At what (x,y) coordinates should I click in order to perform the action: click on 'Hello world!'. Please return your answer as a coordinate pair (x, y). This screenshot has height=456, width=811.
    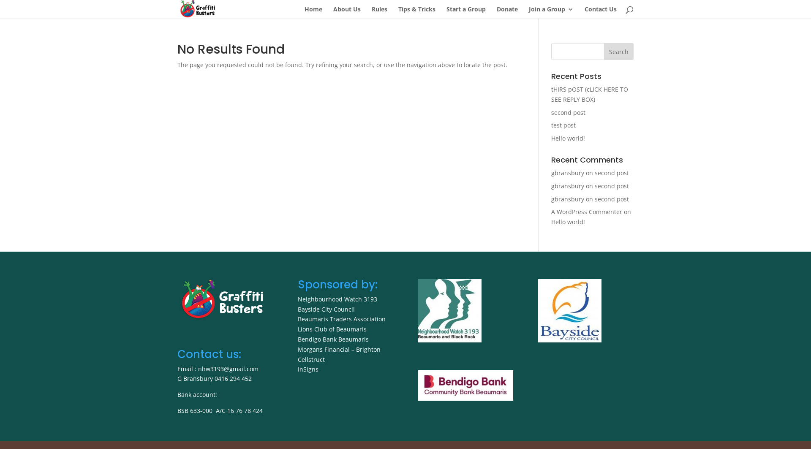
    Looking at the image, I should click on (568, 221).